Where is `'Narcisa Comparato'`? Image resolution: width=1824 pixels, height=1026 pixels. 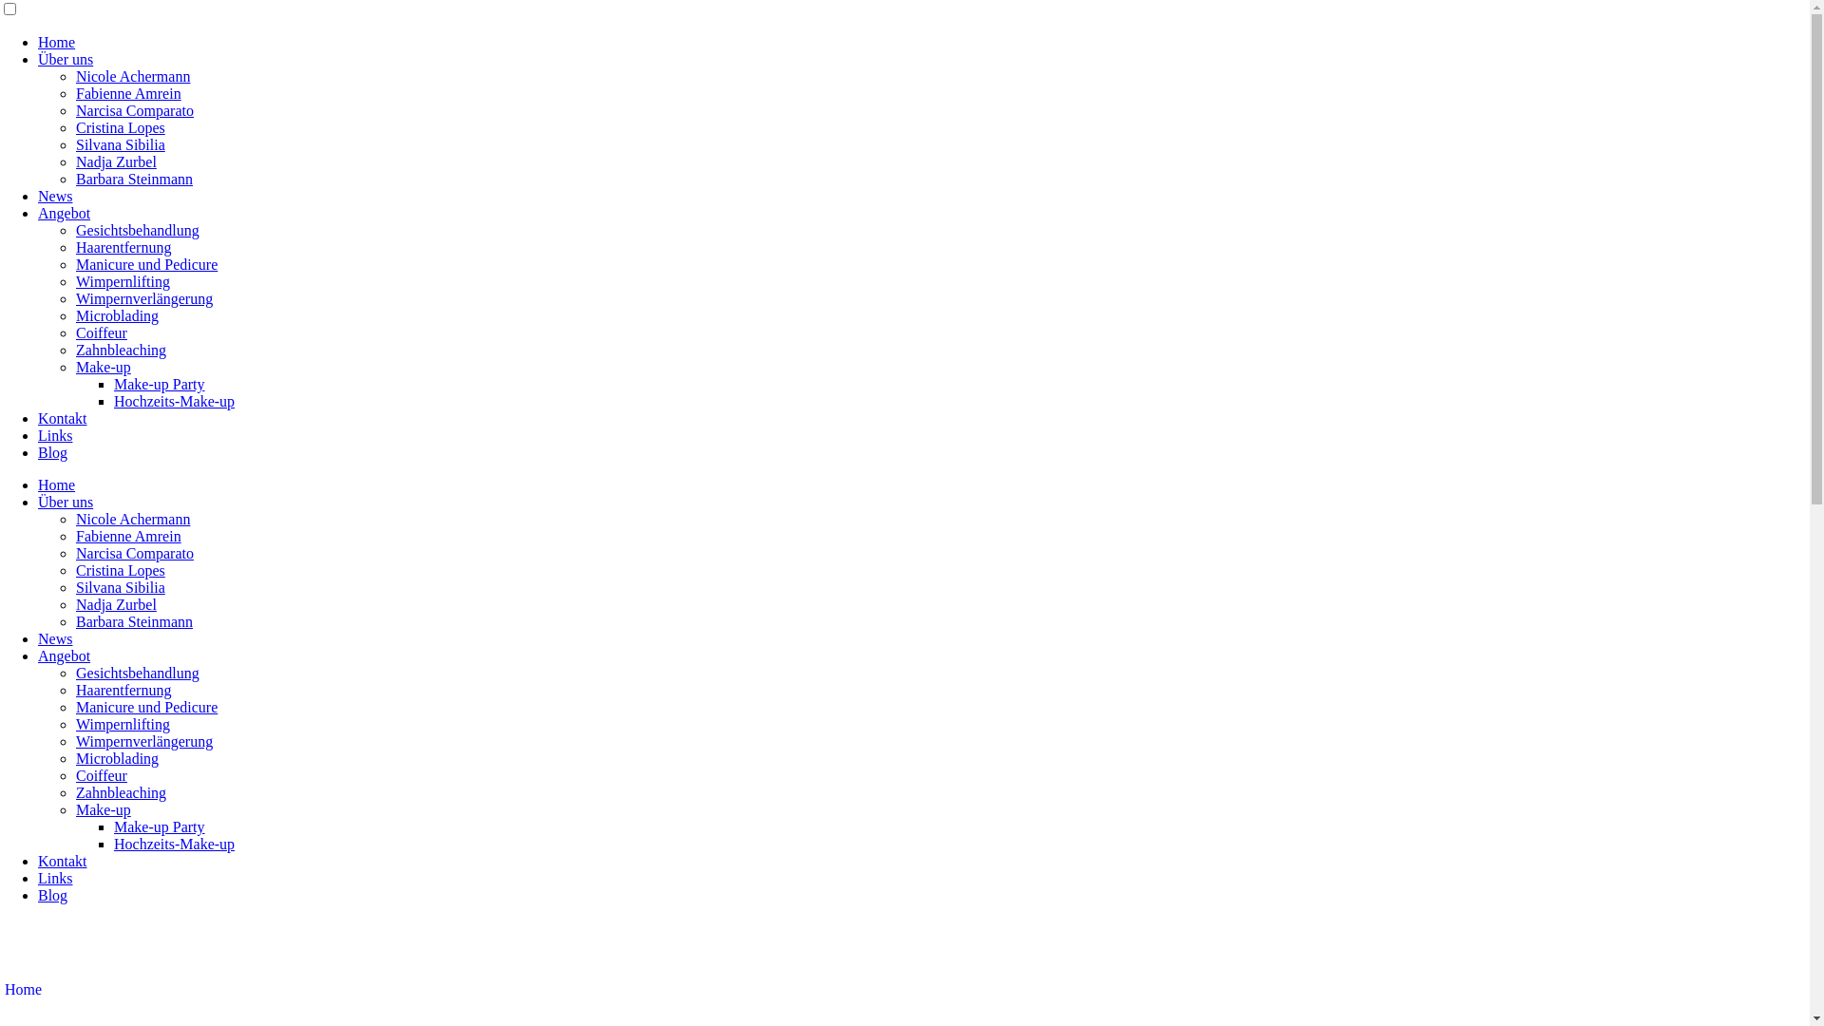 'Narcisa Comparato' is located at coordinates (134, 110).